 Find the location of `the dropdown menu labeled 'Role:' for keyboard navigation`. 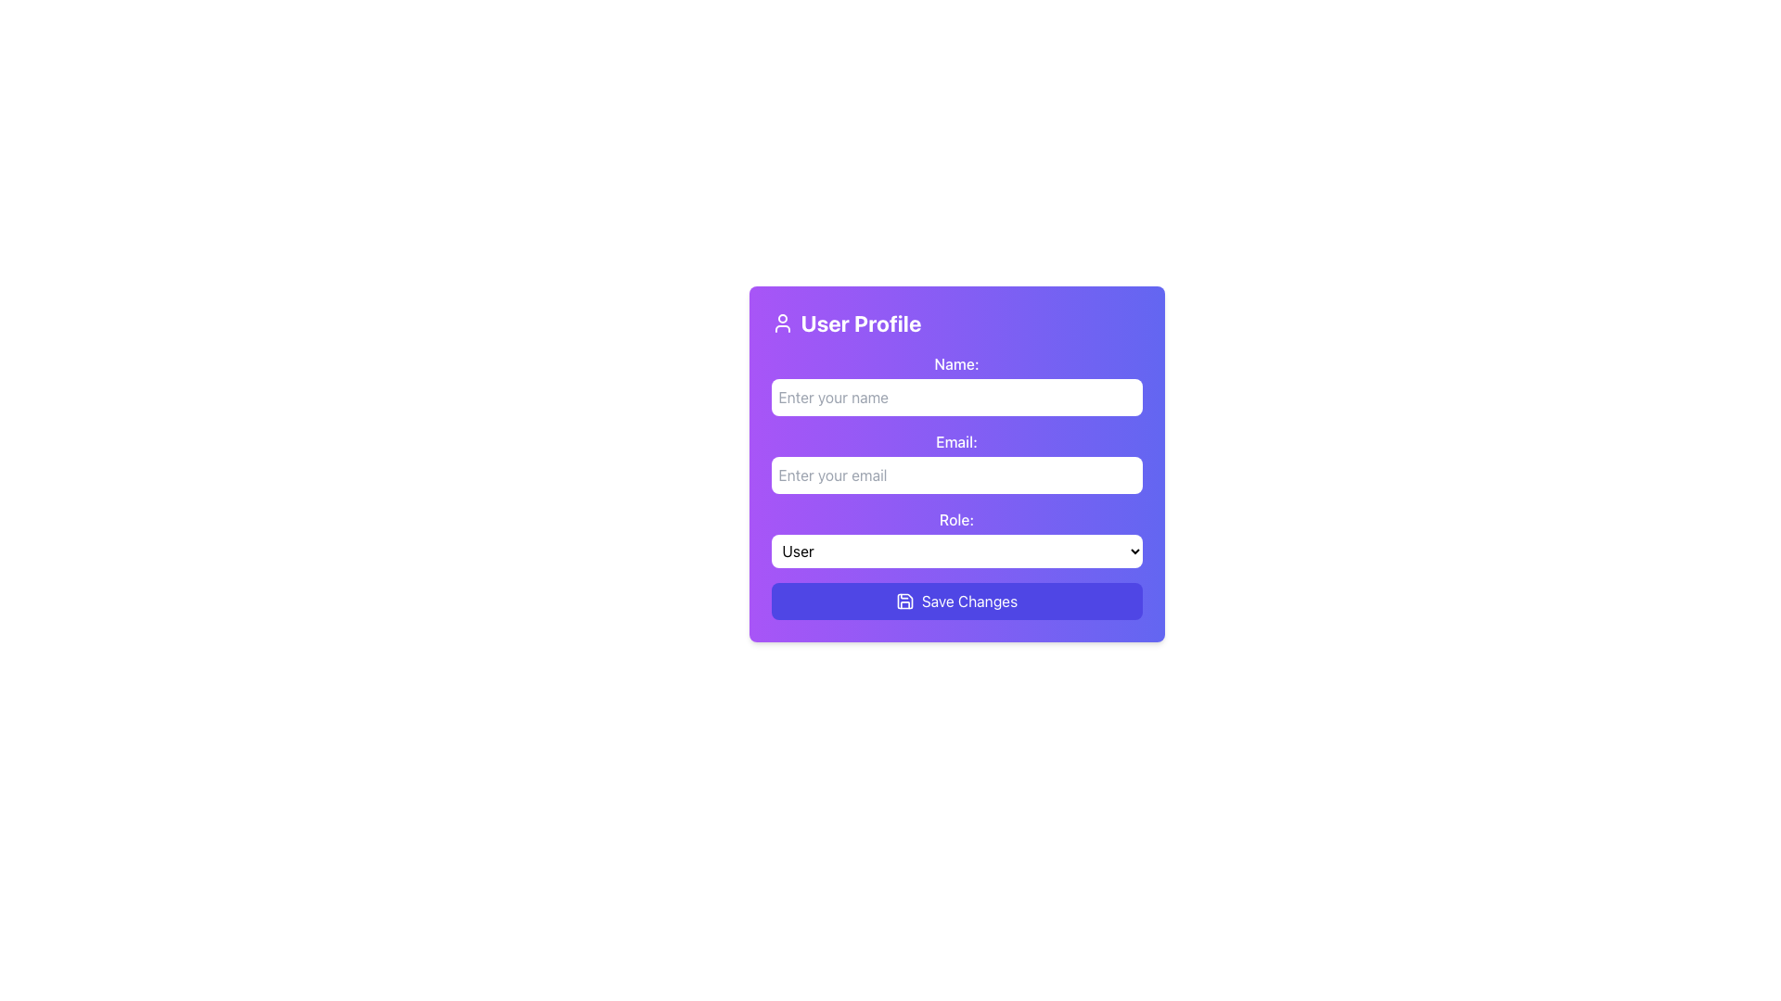

the dropdown menu labeled 'Role:' for keyboard navigation is located at coordinates (956, 550).